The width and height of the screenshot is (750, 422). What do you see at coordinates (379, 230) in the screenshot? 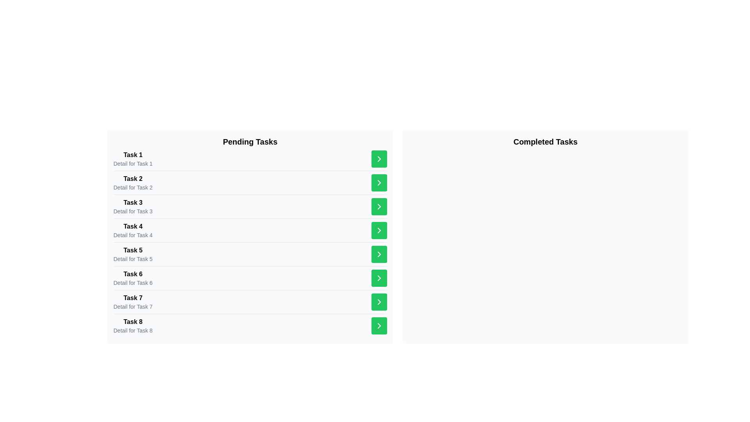
I see `the rightward-pointing chevron button, which is a green circular button with a white arrow inside` at bounding box center [379, 230].